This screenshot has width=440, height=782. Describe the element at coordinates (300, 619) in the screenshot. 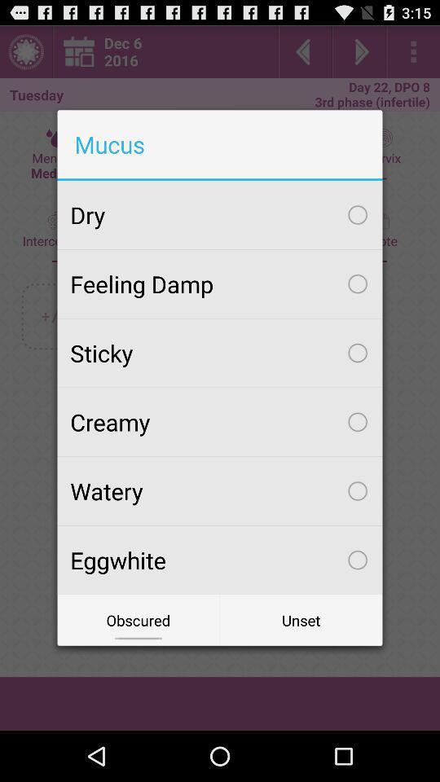

I see `unset at the bottom right corner` at that location.